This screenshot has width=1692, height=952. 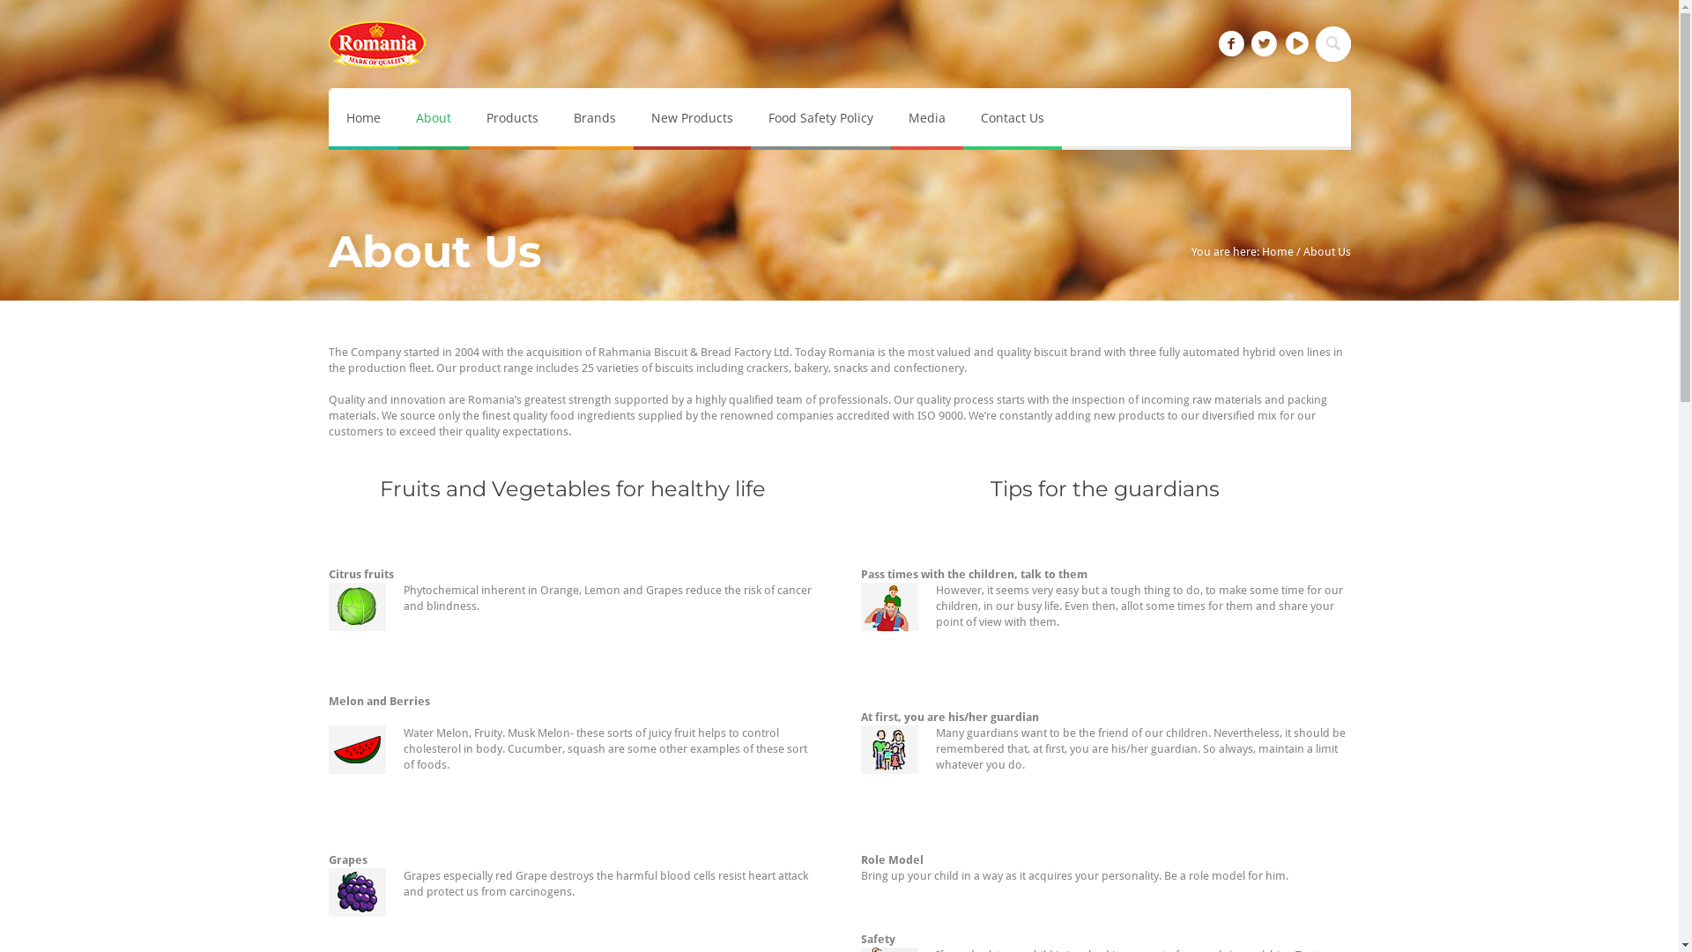 What do you see at coordinates (1295, 43) in the screenshot?
I see `'YouTube'` at bounding box center [1295, 43].